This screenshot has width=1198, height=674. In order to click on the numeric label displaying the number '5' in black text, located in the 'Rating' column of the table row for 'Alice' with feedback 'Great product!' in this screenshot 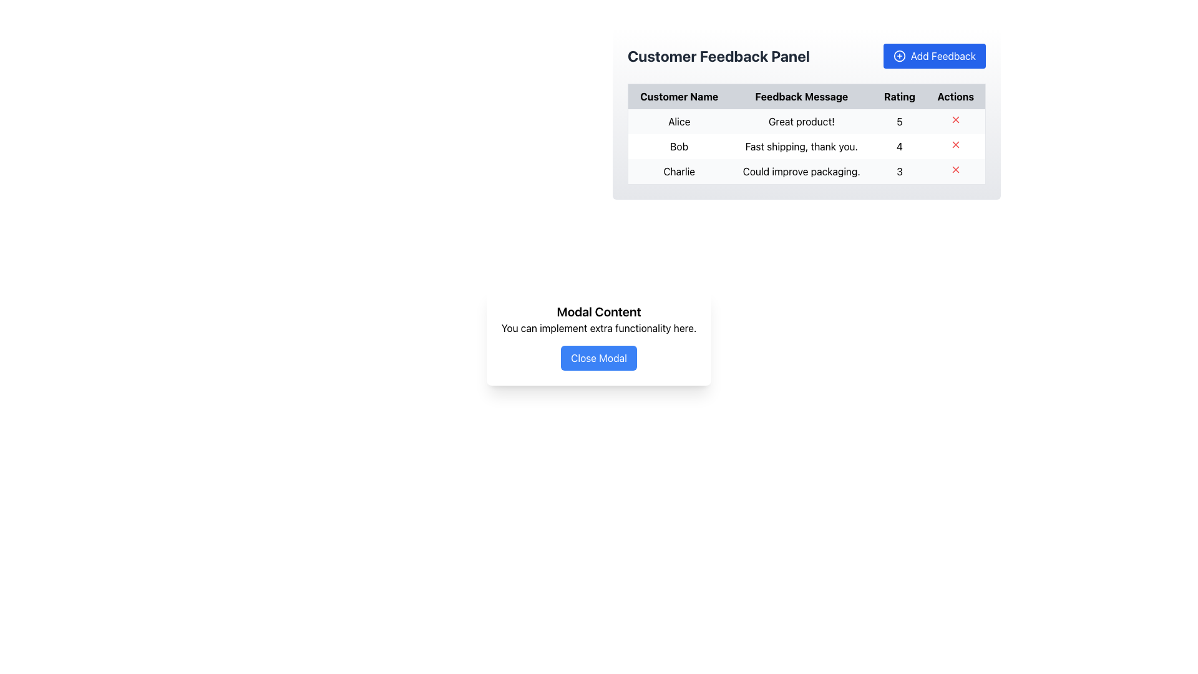, I will do `click(899, 122)`.